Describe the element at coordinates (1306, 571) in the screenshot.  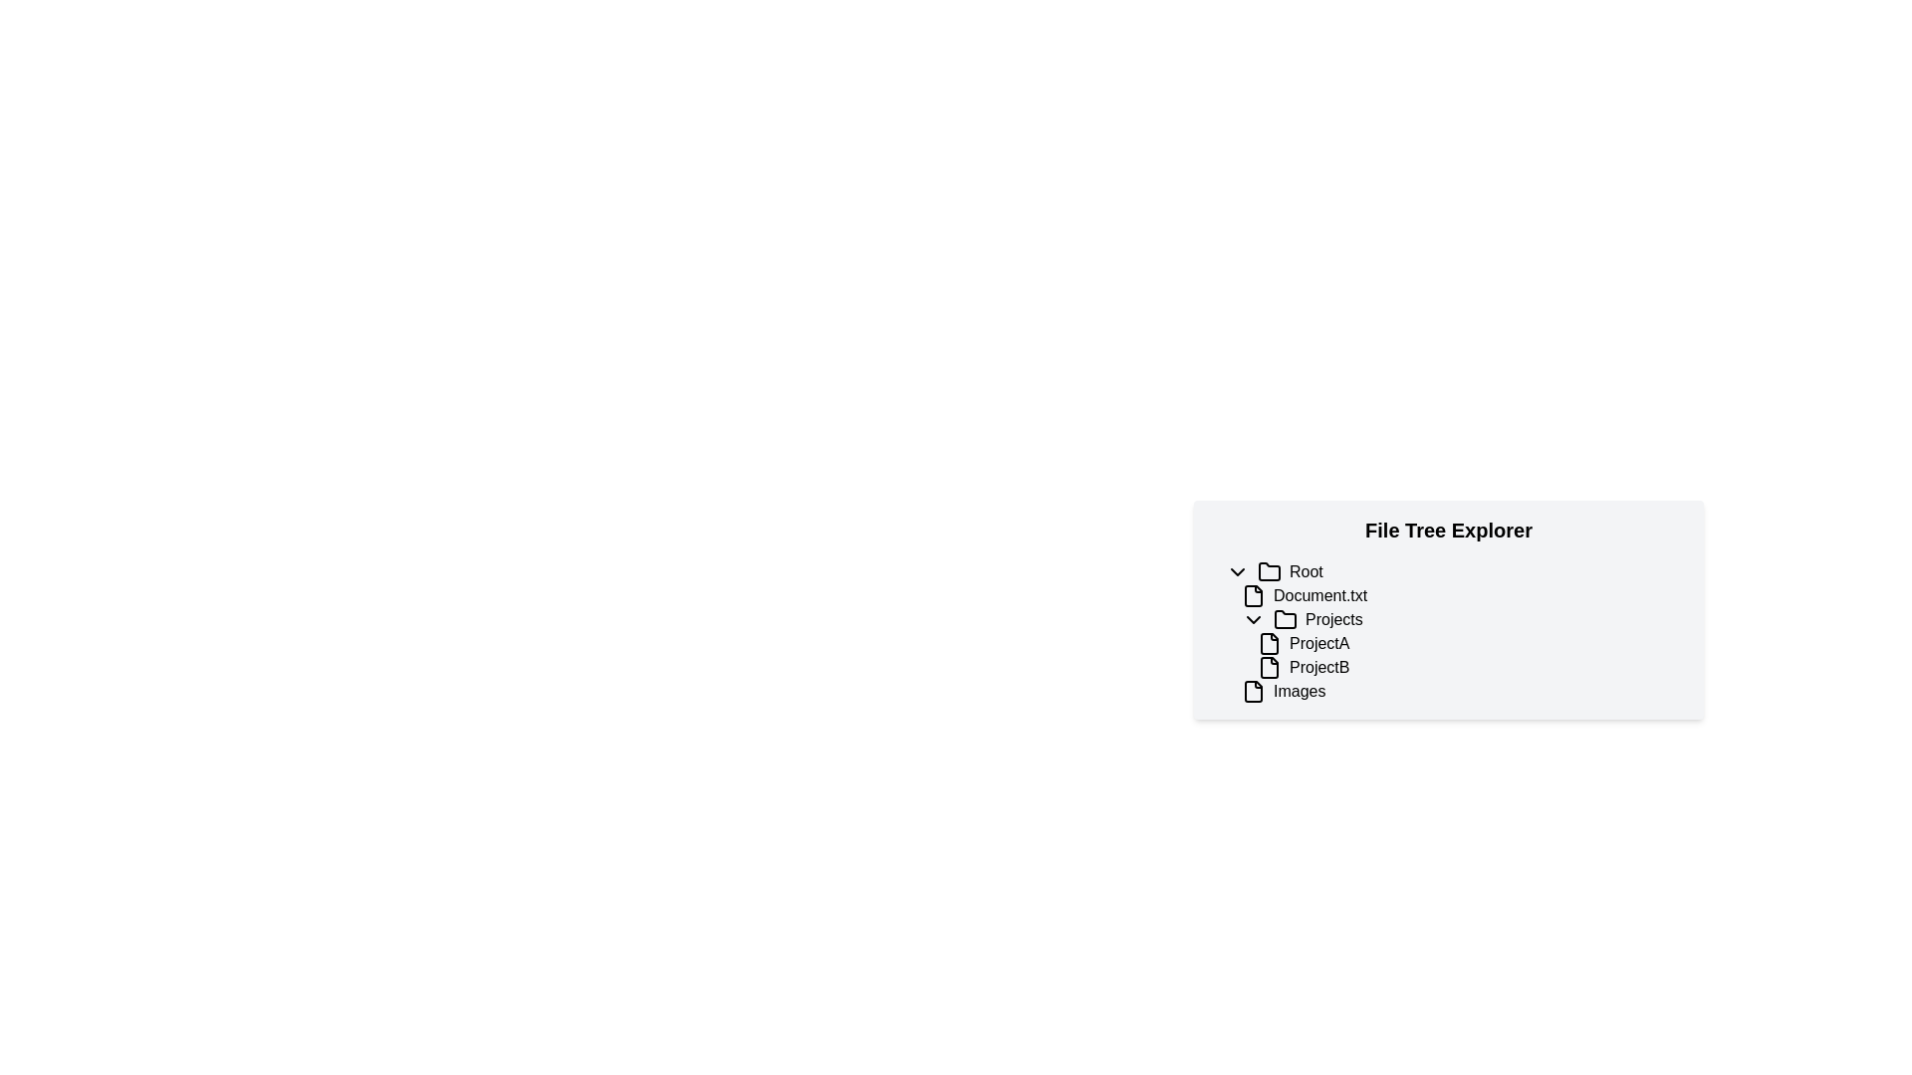
I see `the 'Root' text label, which is the label for the top-level folder` at that location.